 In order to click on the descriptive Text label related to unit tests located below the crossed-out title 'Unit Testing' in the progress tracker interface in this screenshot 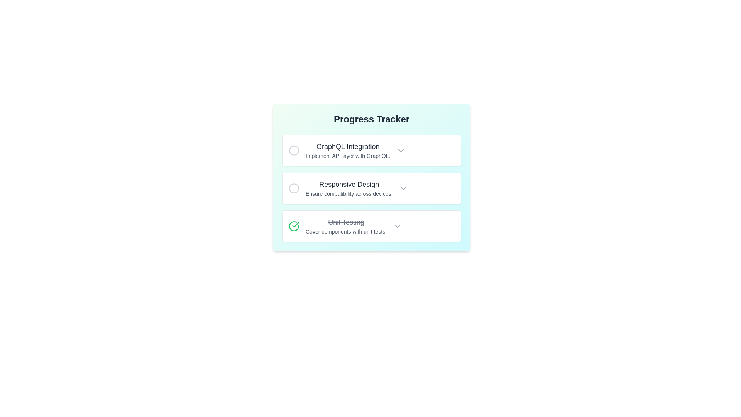, I will do `click(346, 231)`.